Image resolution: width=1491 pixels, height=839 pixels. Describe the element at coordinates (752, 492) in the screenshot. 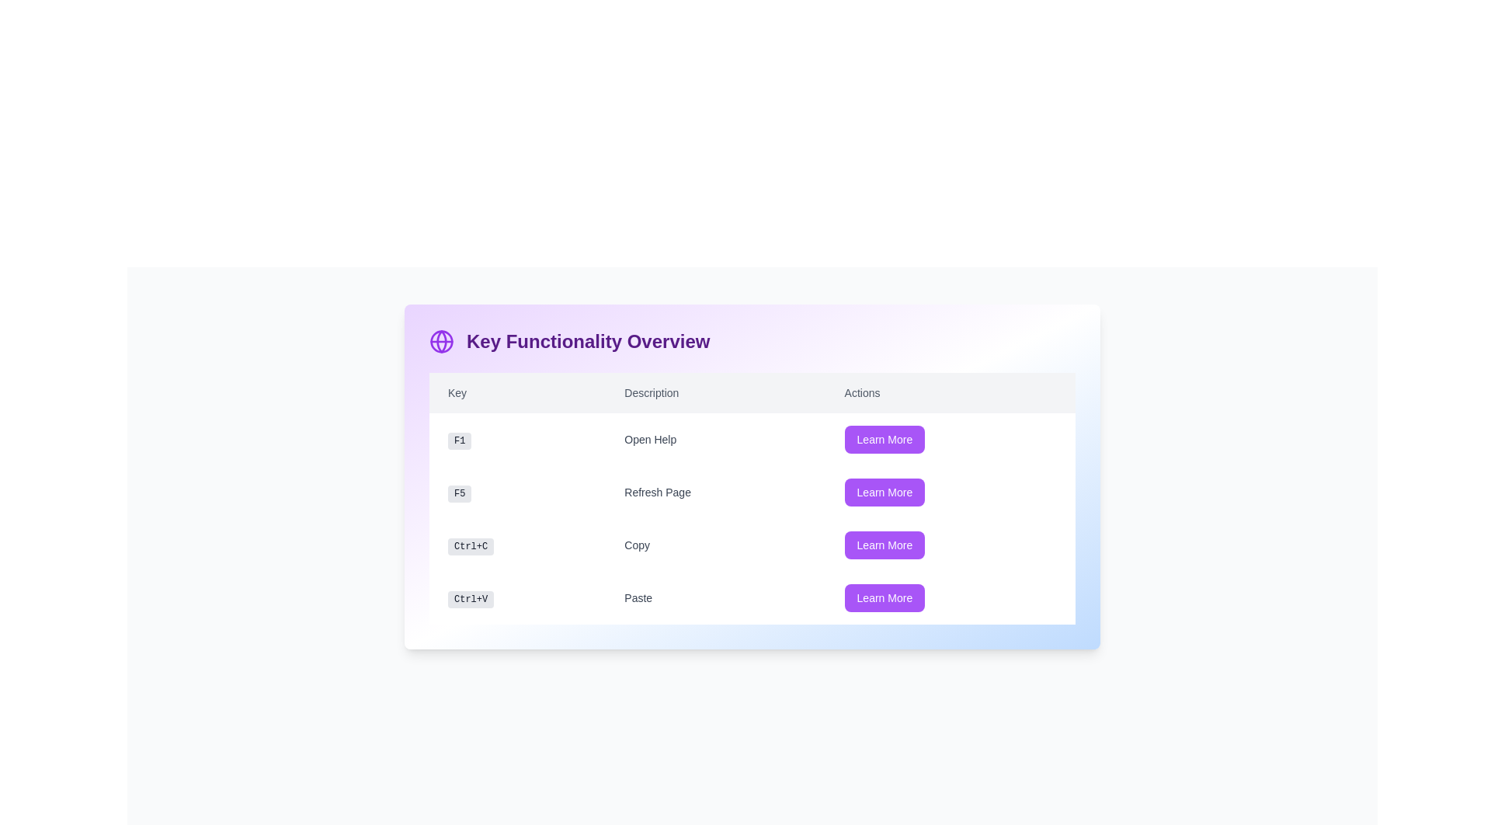

I see `the second row in the table layout that explains the function of the 'F5' key, which is to 'Refresh Page'` at that location.